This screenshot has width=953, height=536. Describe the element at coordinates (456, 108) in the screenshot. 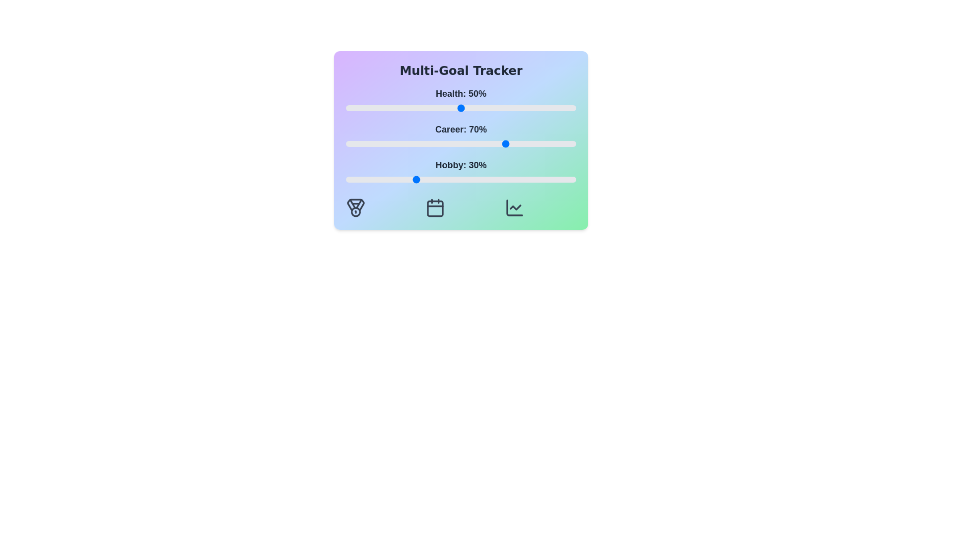

I see `the 'Health' slider to 48%` at that location.